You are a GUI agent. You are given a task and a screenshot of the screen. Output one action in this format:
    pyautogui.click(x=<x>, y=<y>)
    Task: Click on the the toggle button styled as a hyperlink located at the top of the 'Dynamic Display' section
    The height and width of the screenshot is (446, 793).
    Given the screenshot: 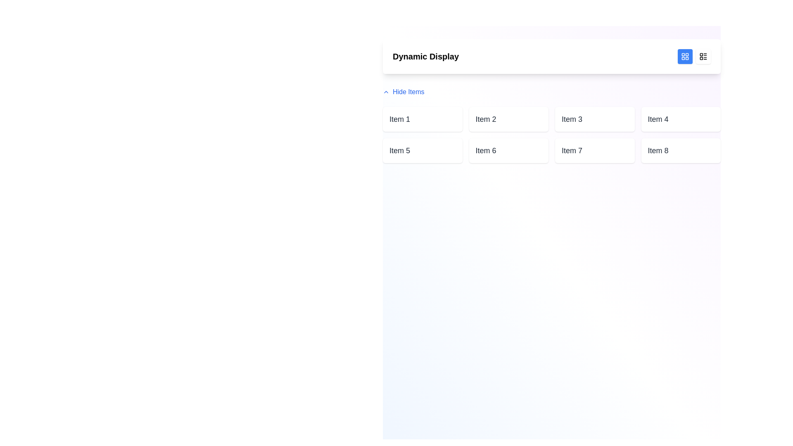 What is the action you would take?
    pyautogui.click(x=404, y=92)
    